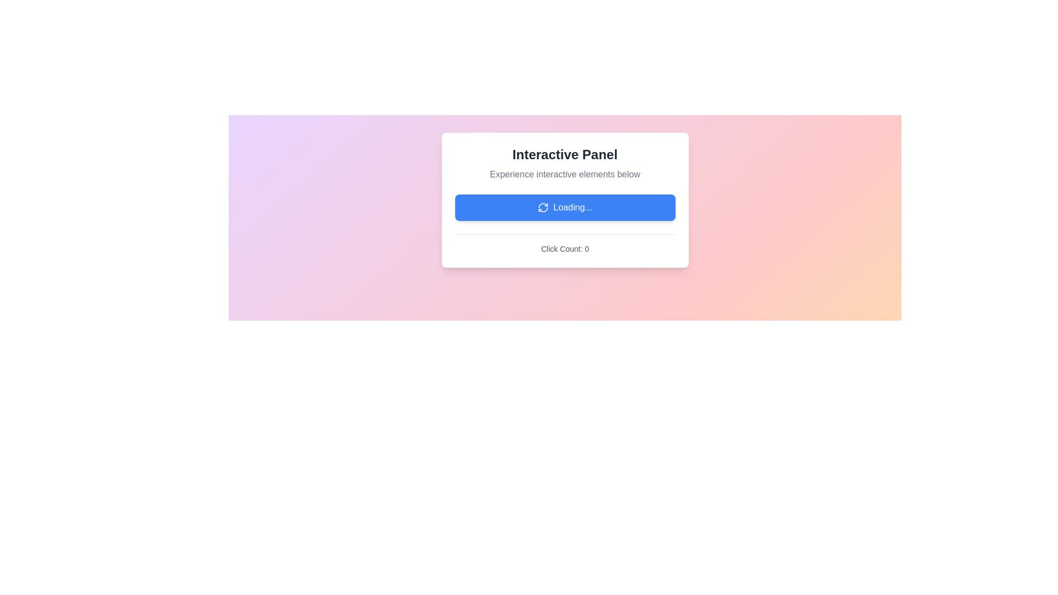 The image size is (1058, 595). What do you see at coordinates (573, 208) in the screenshot?
I see `text content of the 'Loading...' label located on the blue rounded rectangular button in the center of the interface` at bounding box center [573, 208].